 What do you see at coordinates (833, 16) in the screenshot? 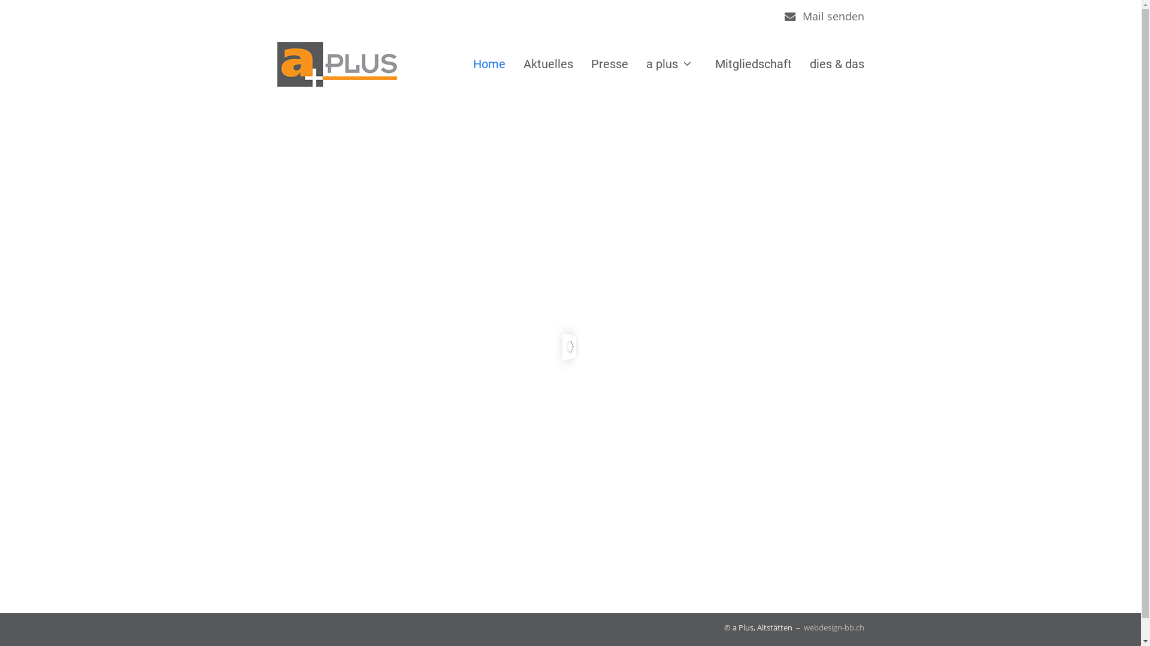
I see `'Mail senden'` at bounding box center [833, 16].